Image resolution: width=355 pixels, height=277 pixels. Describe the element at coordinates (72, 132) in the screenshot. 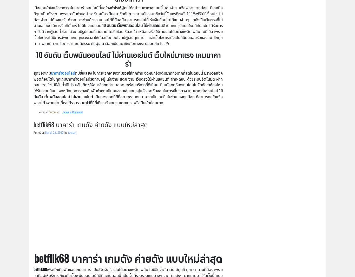

I see `'Zachary'` at that location.